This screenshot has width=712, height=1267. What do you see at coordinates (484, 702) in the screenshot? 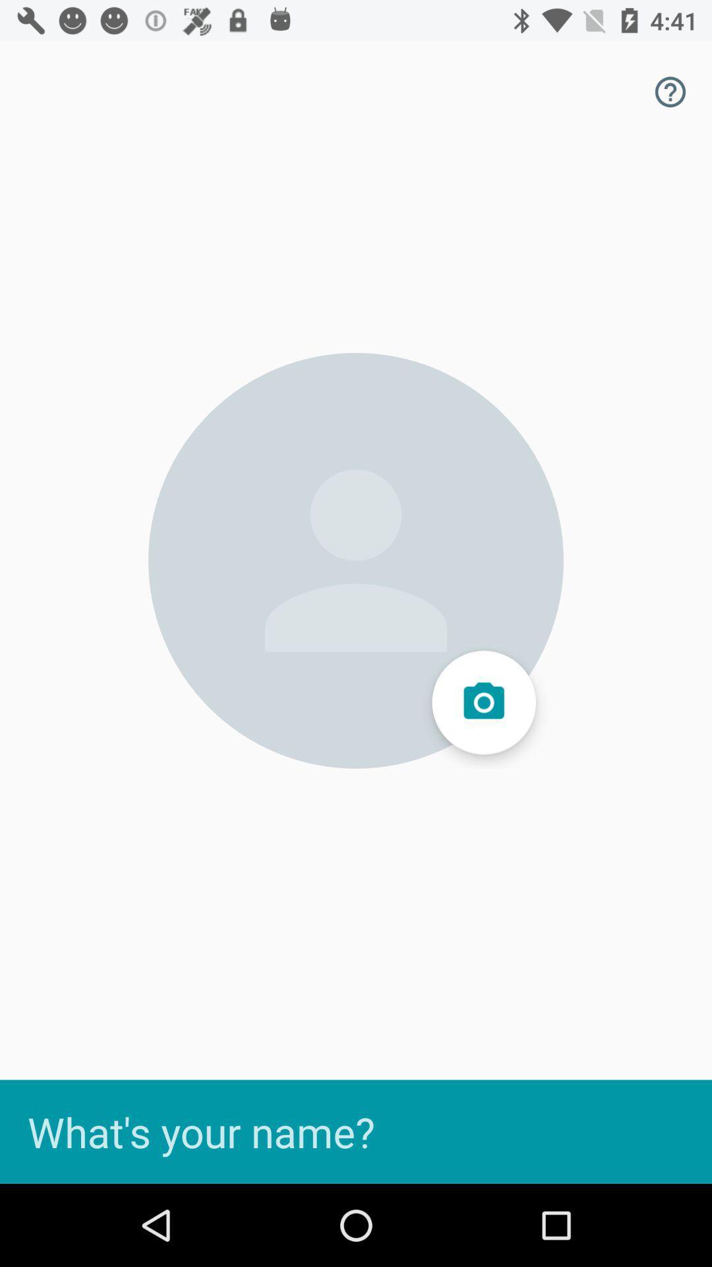
I see `the photo icon` at bounding box center [484, 702].